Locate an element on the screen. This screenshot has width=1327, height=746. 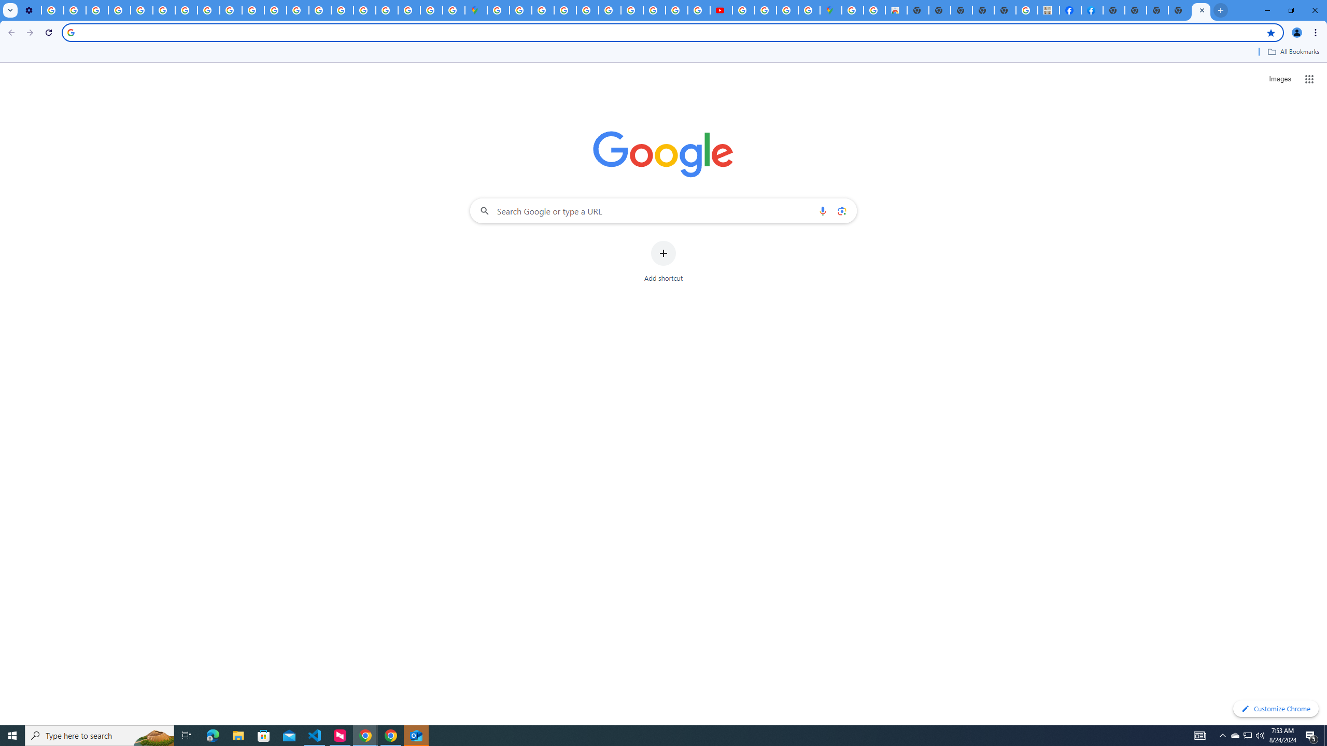
'Add shortcut' is located at coordinates (663, 262).